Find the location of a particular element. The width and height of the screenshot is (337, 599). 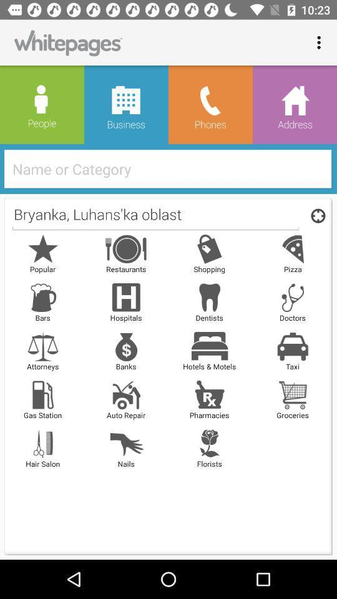

the item next to the bryanka luhans ka item is located at coordinates (315, 215).